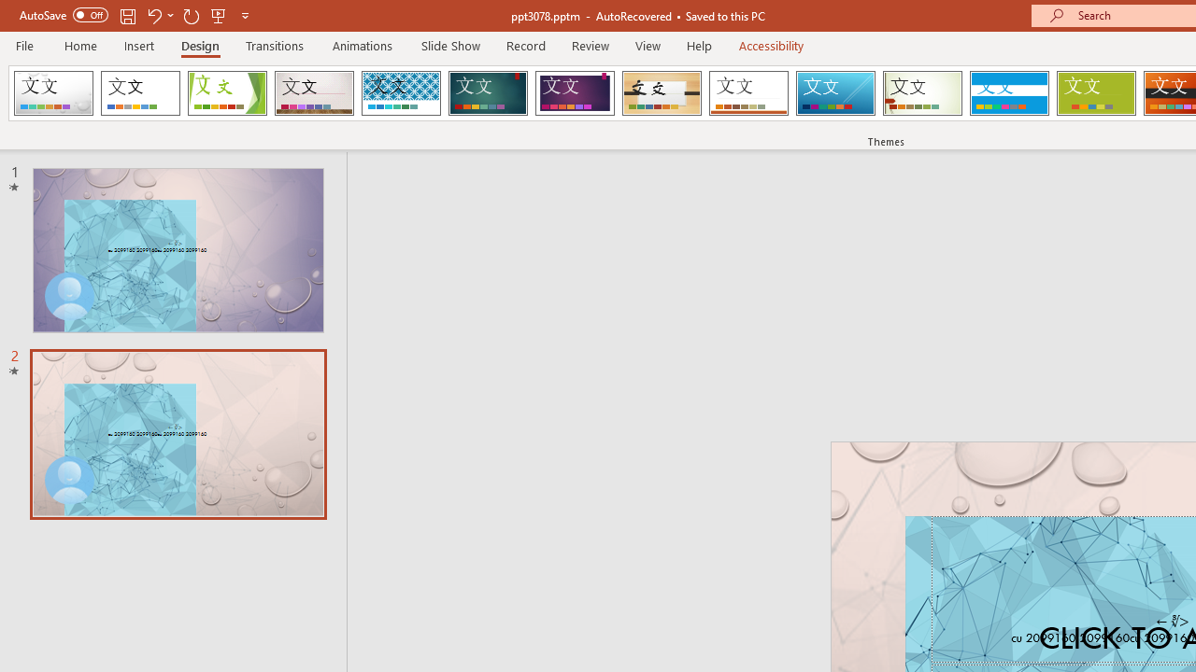  What do you see at coordinates (1008, 93) in the screenshot?
I see `'Banded'` at bounding box center [1008, 93].